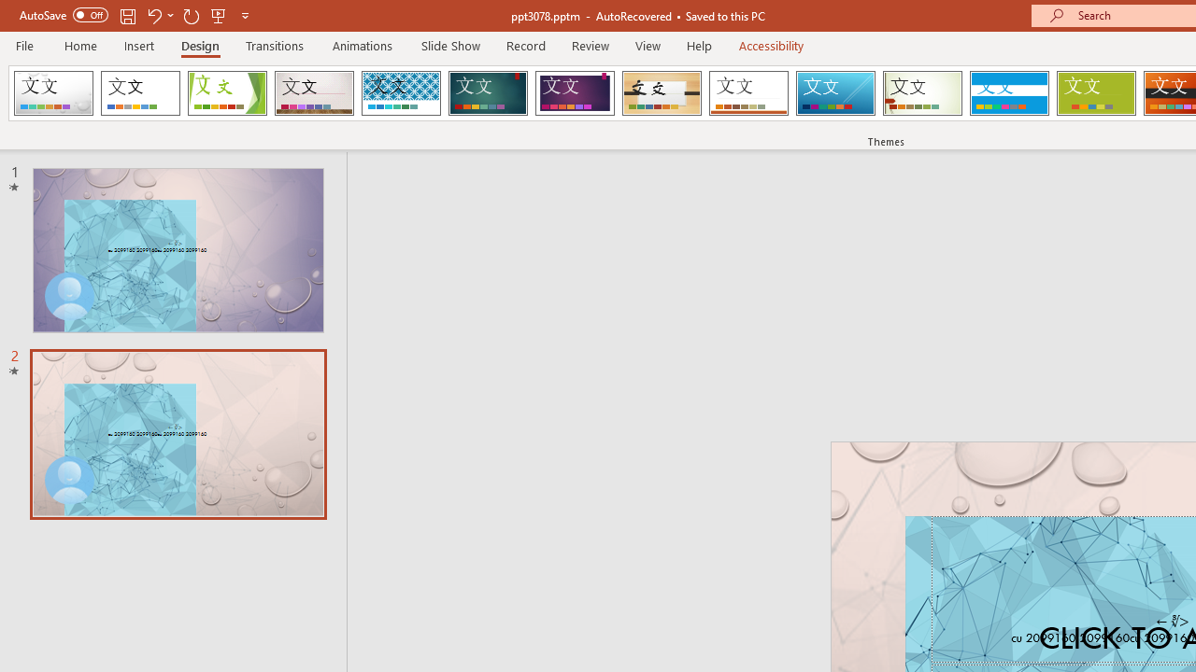  What do you see at coordinates (1008, 93) in the screenshot?
I see `'Banded'` at bounding box center [1008, 93].